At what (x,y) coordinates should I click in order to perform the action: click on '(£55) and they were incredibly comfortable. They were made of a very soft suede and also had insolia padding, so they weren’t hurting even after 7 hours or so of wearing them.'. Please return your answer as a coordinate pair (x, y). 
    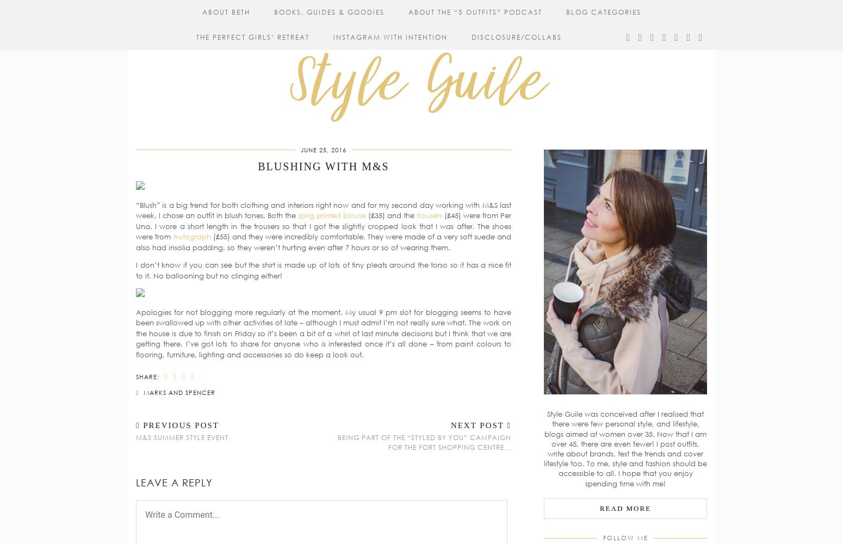
    Looking at the image, I should click on (324, 241).